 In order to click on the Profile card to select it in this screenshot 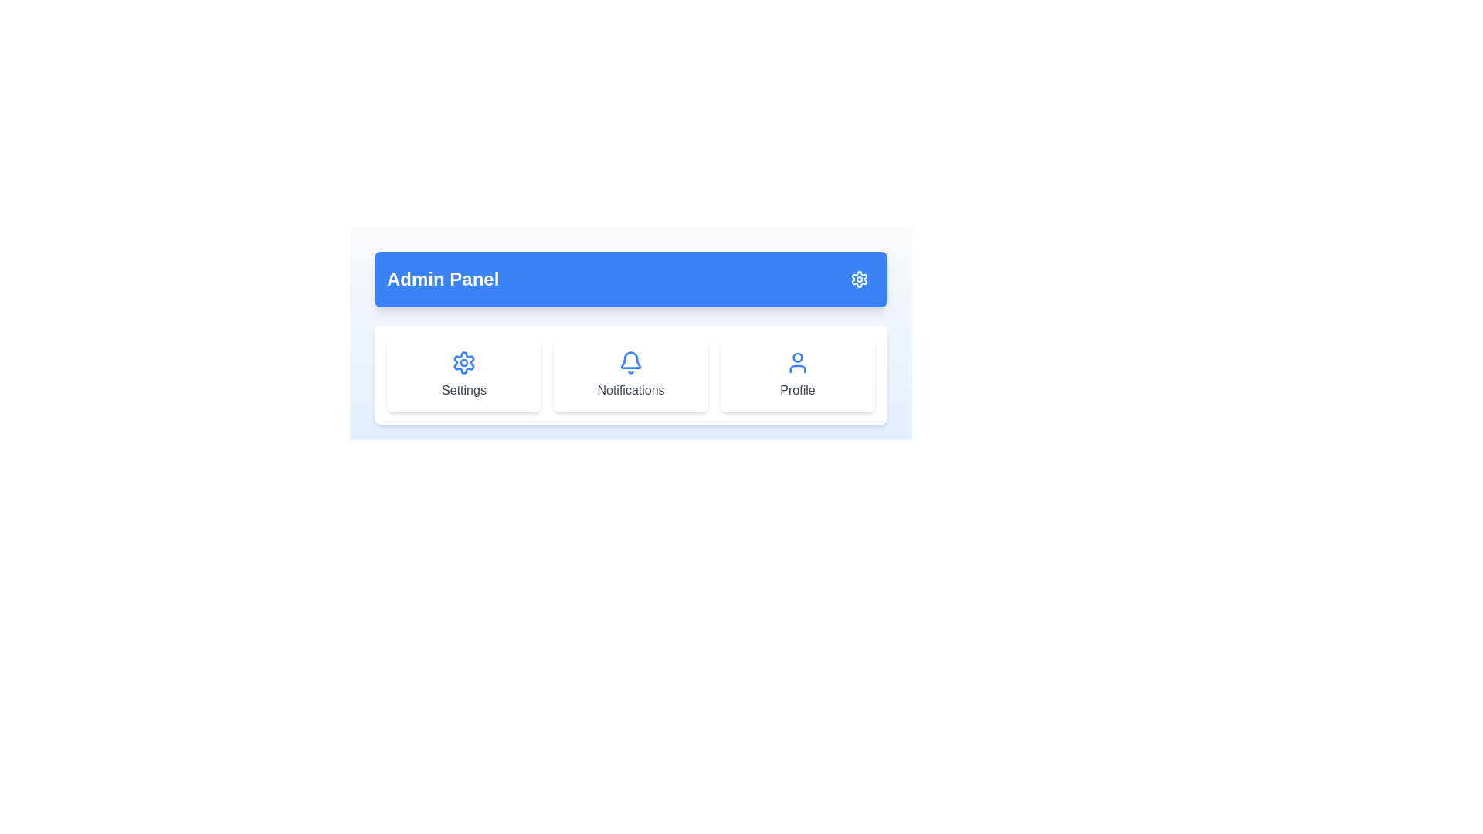, I will do `click(797, 375)`.